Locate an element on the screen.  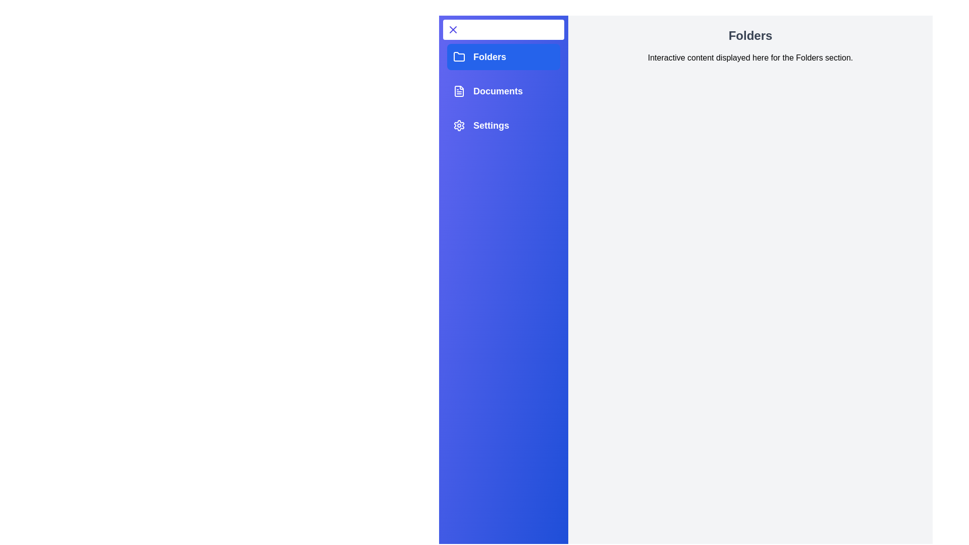
the Settings tab to observe its hover effect is located at coordinates (504, 125).